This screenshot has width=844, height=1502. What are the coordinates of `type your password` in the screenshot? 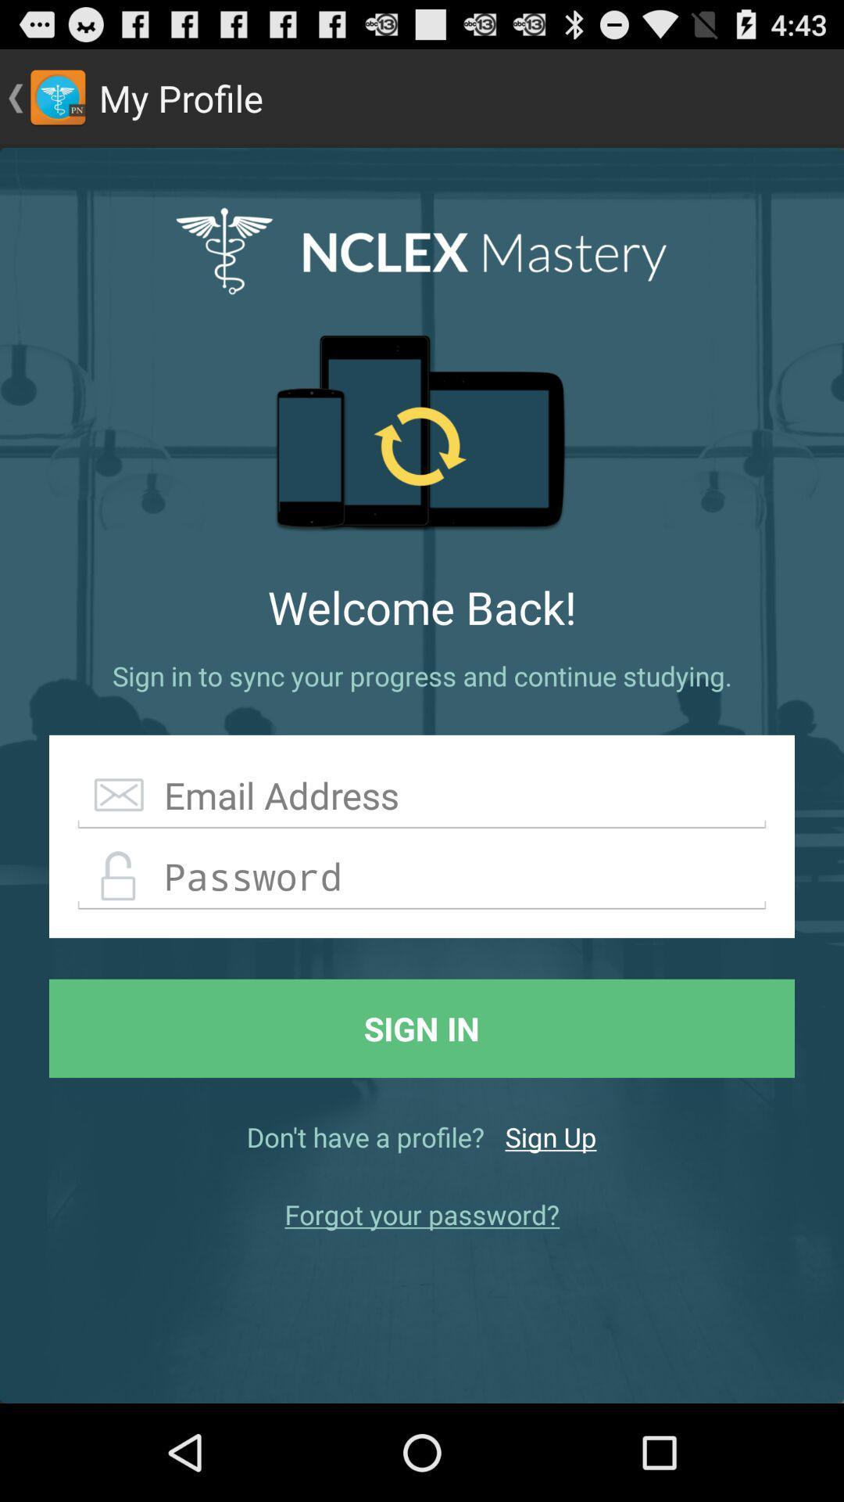 It's located at (422, 877).